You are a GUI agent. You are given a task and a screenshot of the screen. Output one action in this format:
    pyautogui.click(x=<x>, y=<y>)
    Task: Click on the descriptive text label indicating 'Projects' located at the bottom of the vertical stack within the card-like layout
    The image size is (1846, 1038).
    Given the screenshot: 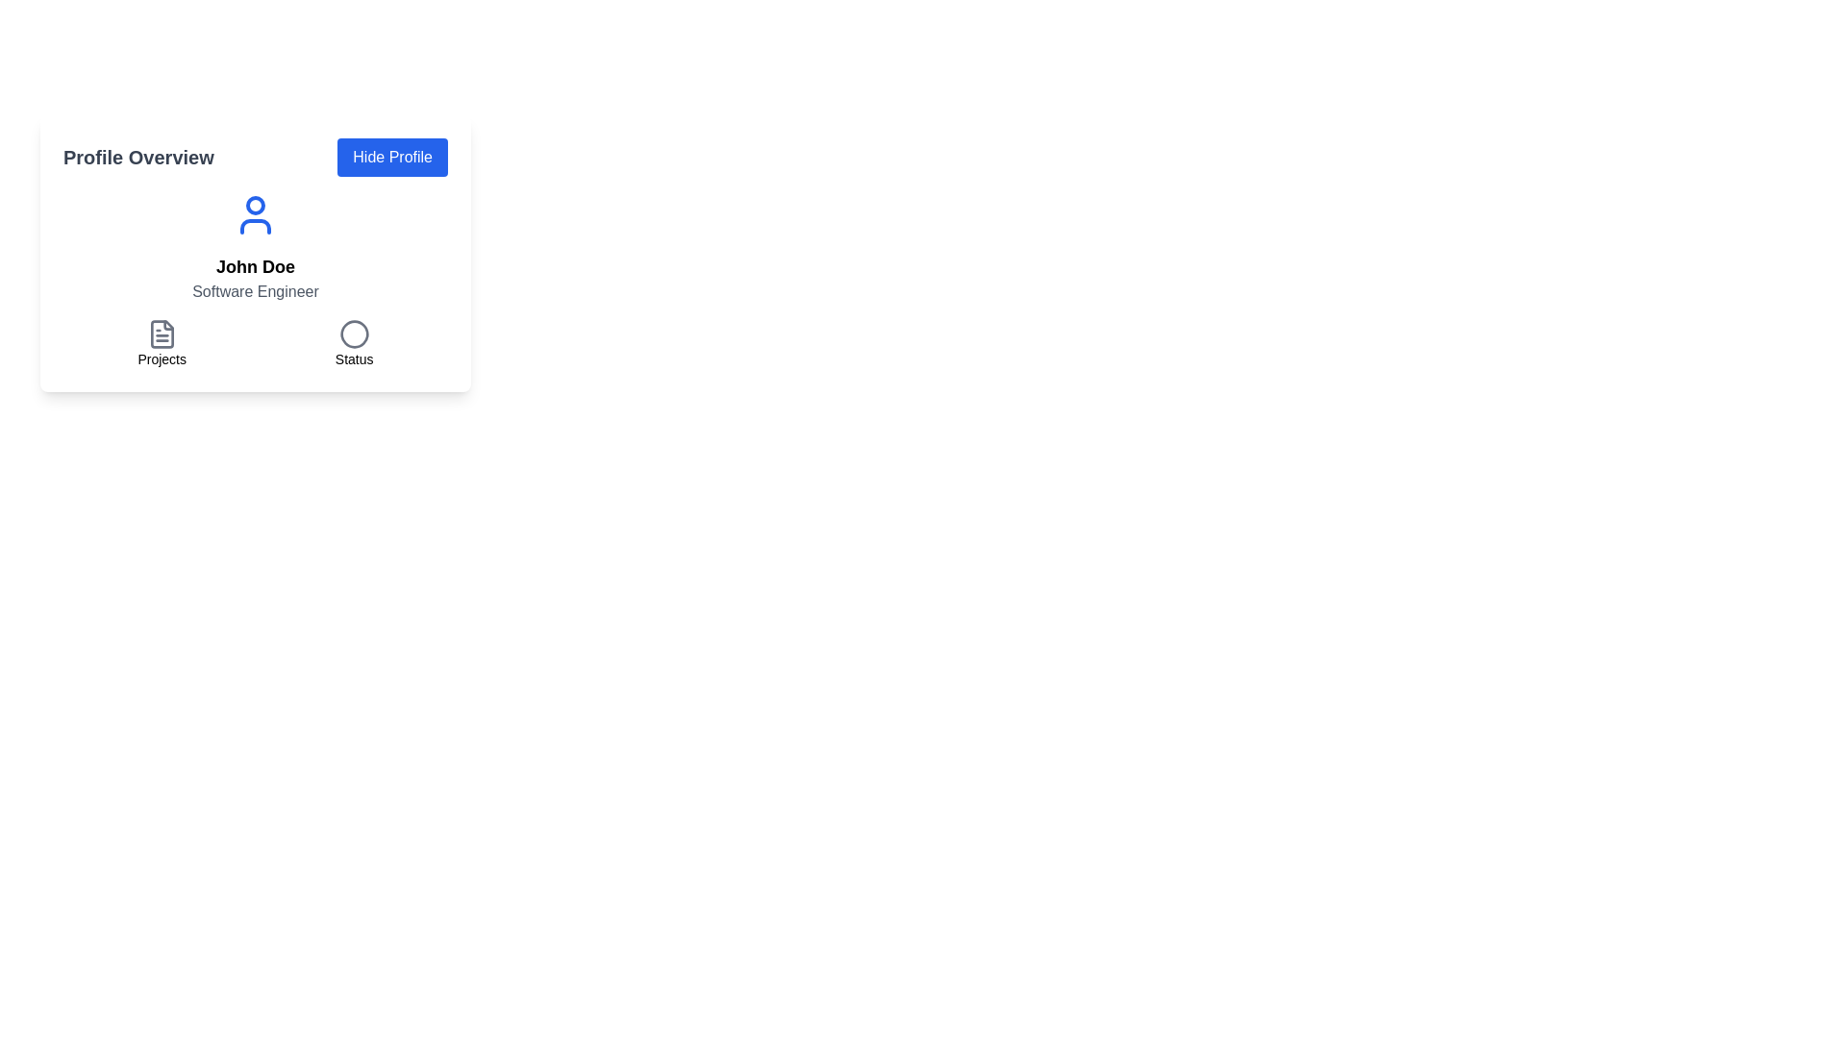 What is the action you would take?
    pyautogui.click(x=162, y=359)
    